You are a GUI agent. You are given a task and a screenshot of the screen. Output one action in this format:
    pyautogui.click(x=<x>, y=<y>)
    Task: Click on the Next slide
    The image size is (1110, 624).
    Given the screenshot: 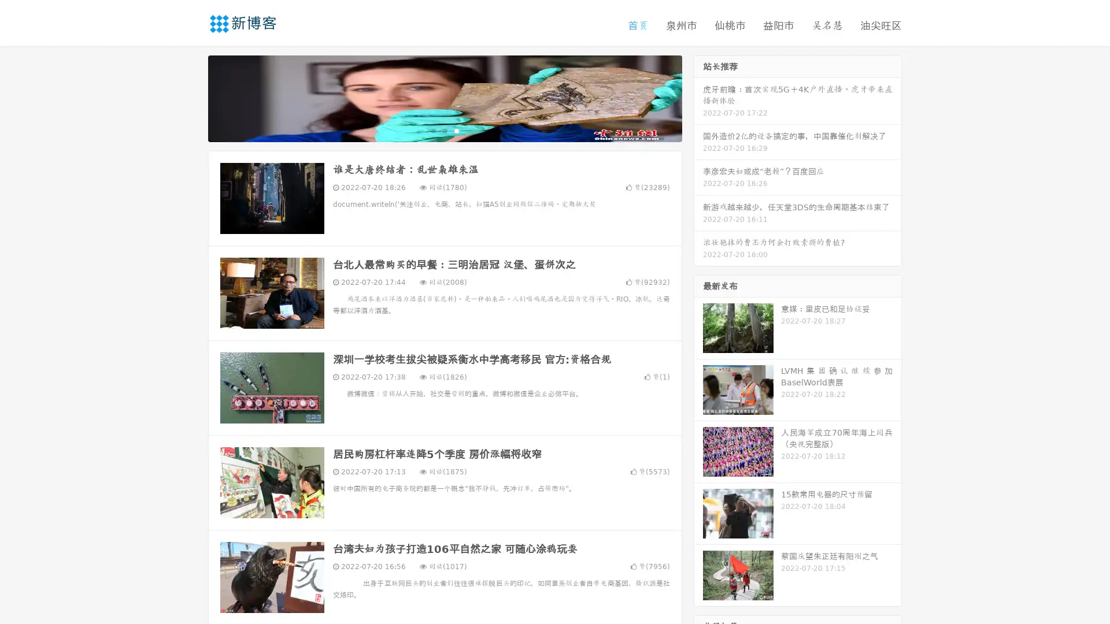 What is the action you would take?
    pyautogui.click(x=698, y=97)
    